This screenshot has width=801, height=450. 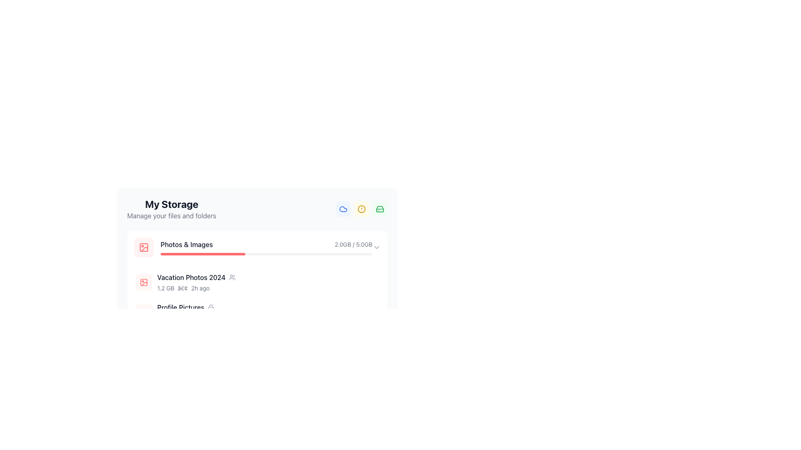 I want to click on the decorative graphic icon filled with red color, which is part of the 'Photos & Images' category in the sidebar menu, so click(x=144, y=247).